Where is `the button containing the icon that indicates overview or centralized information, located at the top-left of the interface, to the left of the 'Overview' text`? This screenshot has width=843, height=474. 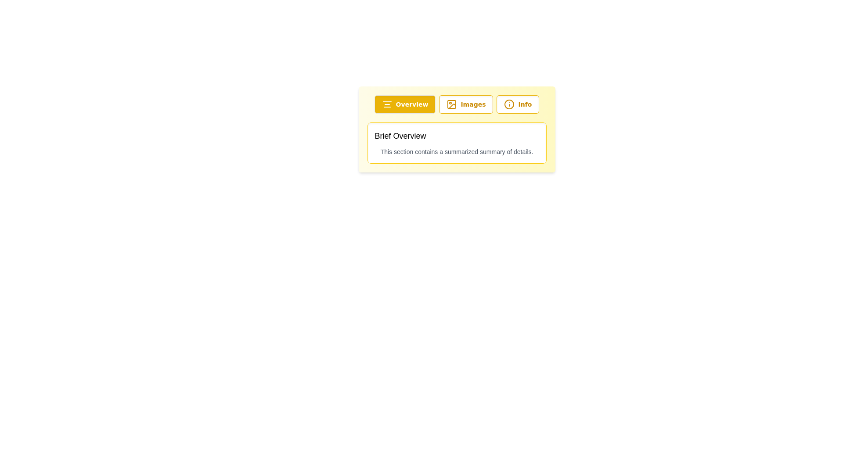 the button containing the icon that indicates overview or centralized information, located at the top-left of the interface, to the left of the 'Overview' text is located at coordinates (386, 104).